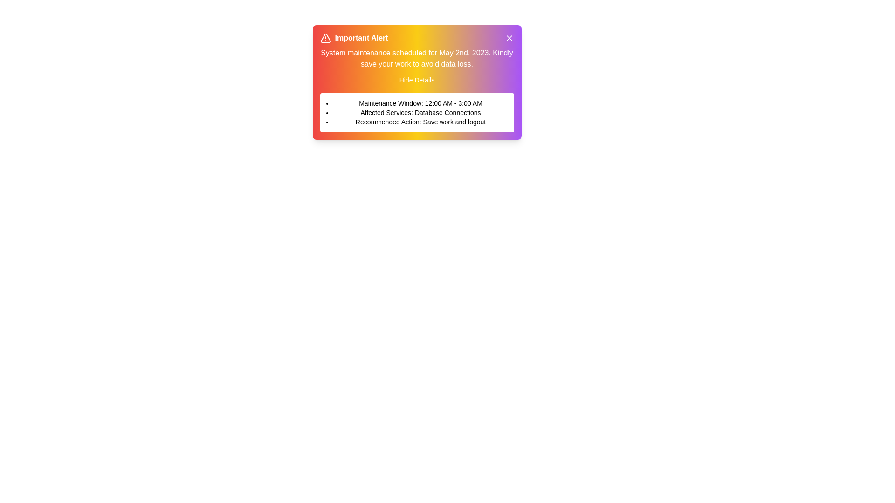  What do you see at coordinates (509, 37) in the screenshot?
I see `the close button to dismiss the alert` at bounding box center [509, 37].